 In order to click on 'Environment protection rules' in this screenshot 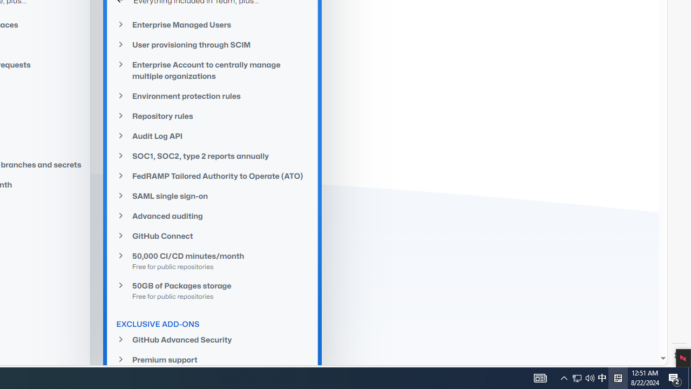, I will do `click(213, 96)`.